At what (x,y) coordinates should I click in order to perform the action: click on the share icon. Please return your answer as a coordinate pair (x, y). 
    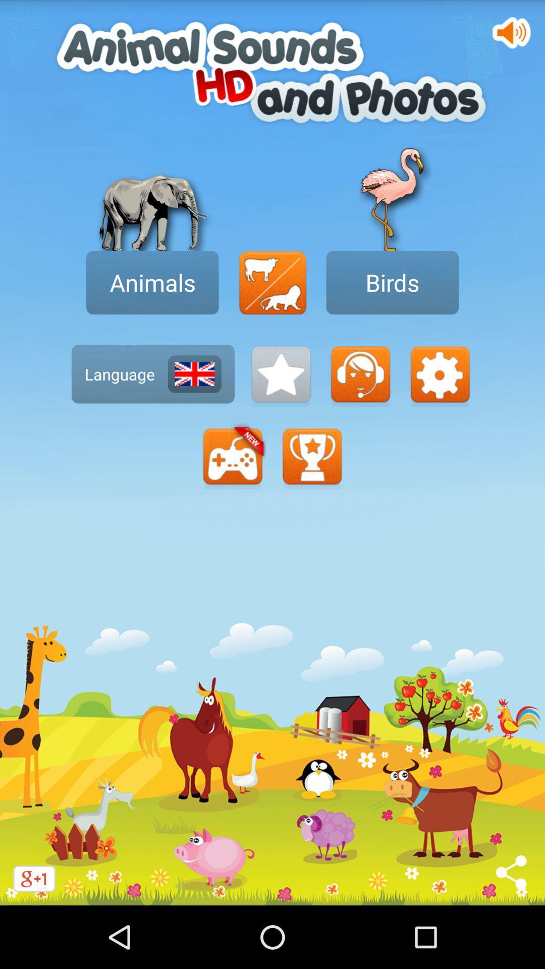
    Looking at the image, I should click on (512, 933).